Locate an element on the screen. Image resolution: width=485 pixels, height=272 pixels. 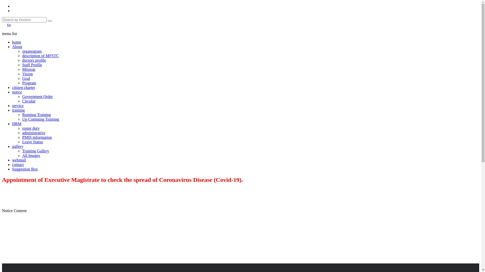
'Mission' is located at coordinates (29, 69).